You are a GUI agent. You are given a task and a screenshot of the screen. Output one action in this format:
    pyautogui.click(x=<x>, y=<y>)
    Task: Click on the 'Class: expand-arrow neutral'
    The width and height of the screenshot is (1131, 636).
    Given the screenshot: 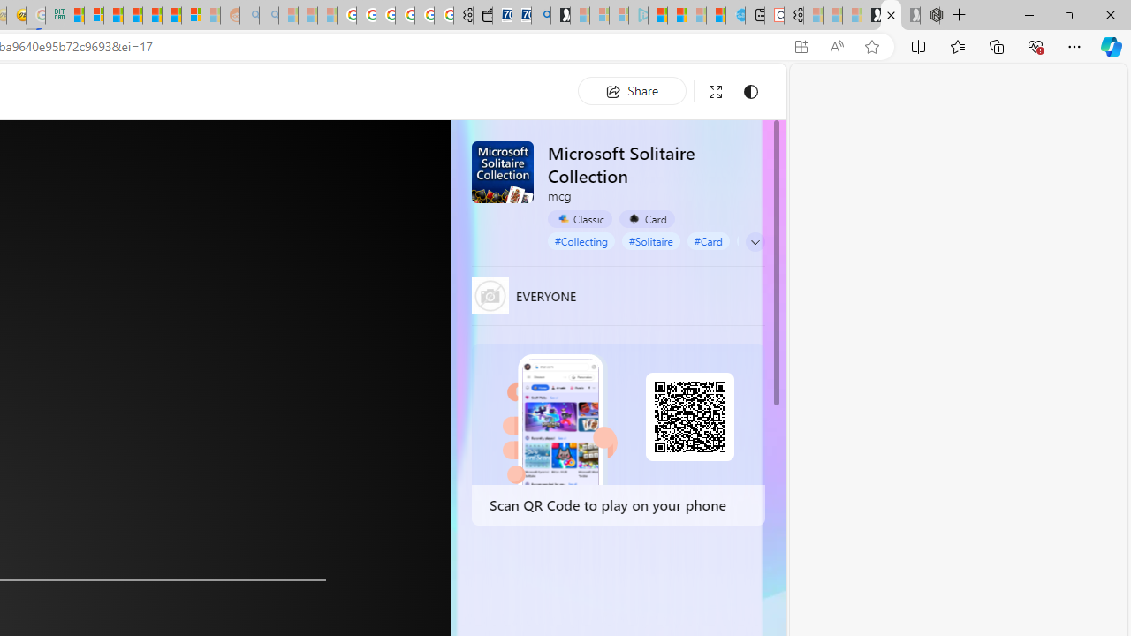 What is the action you would take?
    pyautogui.click(x=755, y=241)
    